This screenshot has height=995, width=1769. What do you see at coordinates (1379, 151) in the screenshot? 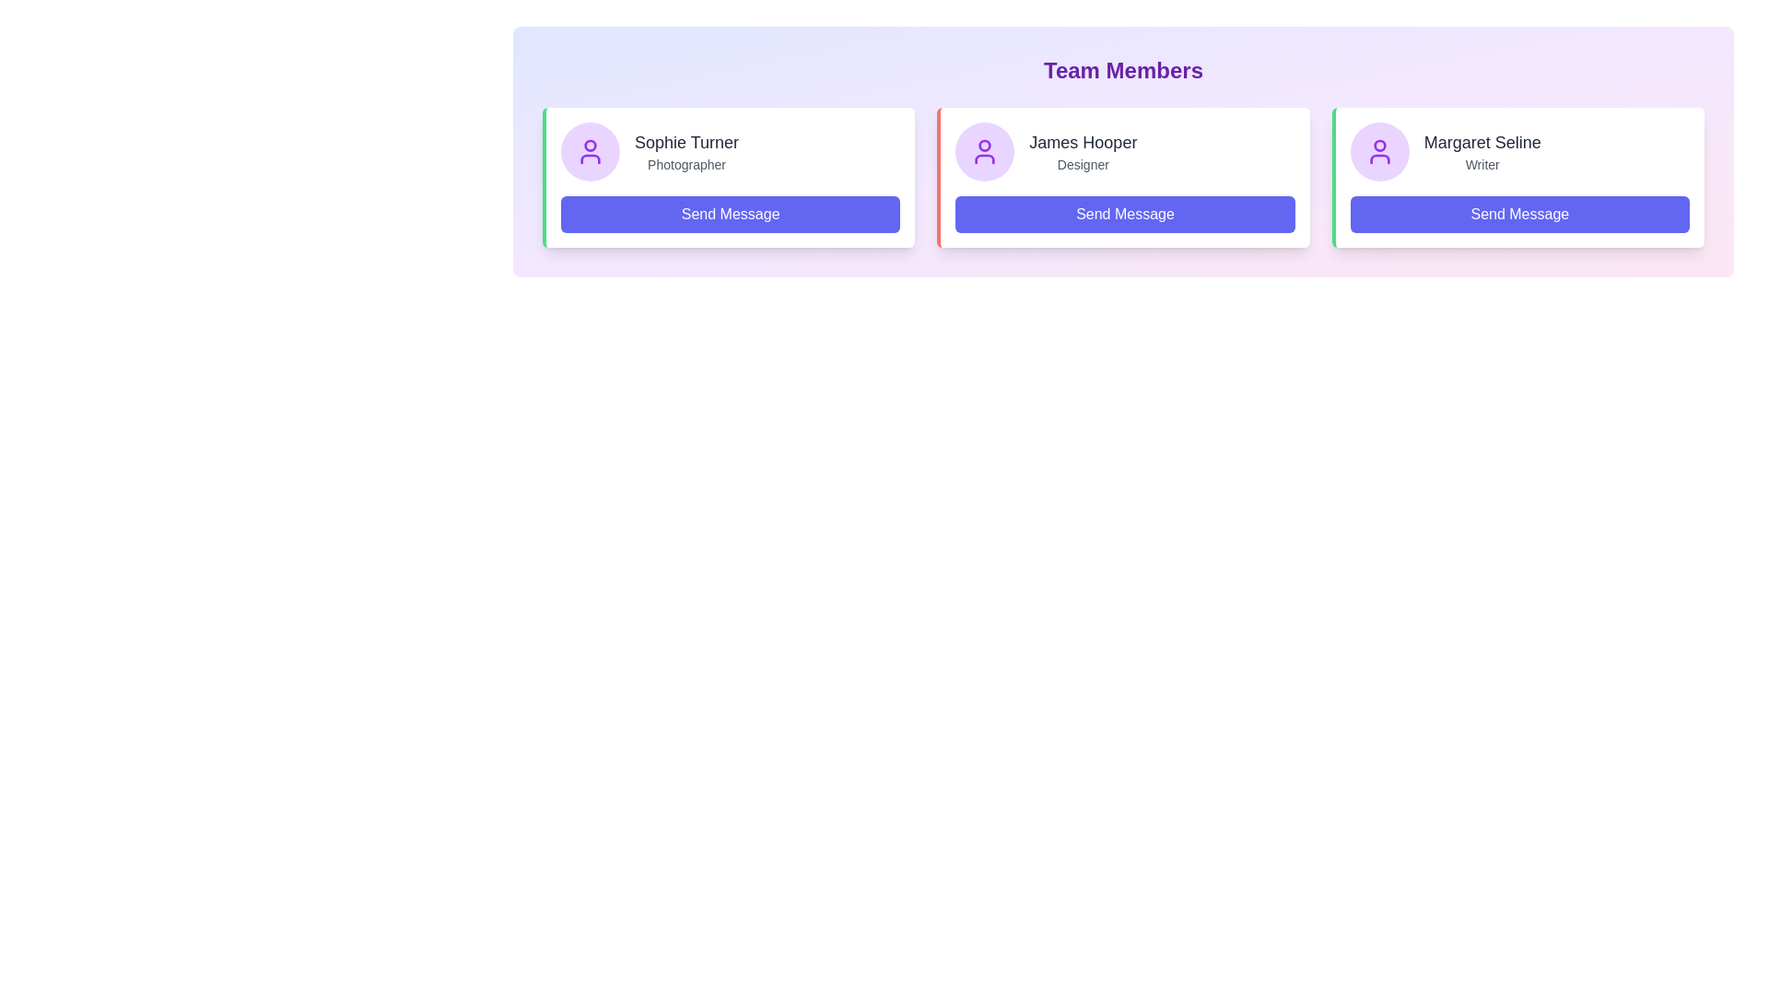
I see `the circular avatar icon representing 'Margaret Seline, Writer' in the top left section of the card layout` at bounding box center [1379, 151].